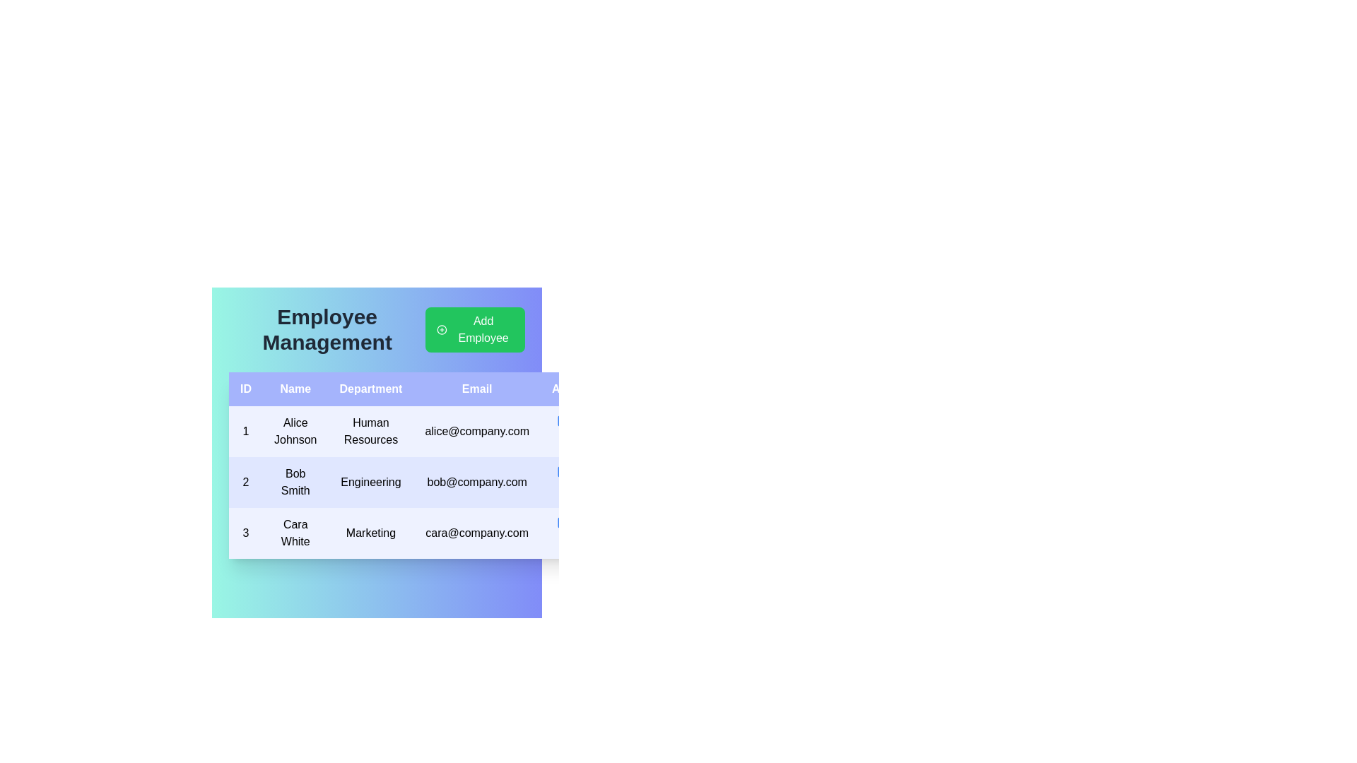  What do you see at coordinates (582, 471) in the screenshot?
I see `the delete button located in the third position of the horizontal row of icons in the table, which allows the user` at bounding box center [582, 471].